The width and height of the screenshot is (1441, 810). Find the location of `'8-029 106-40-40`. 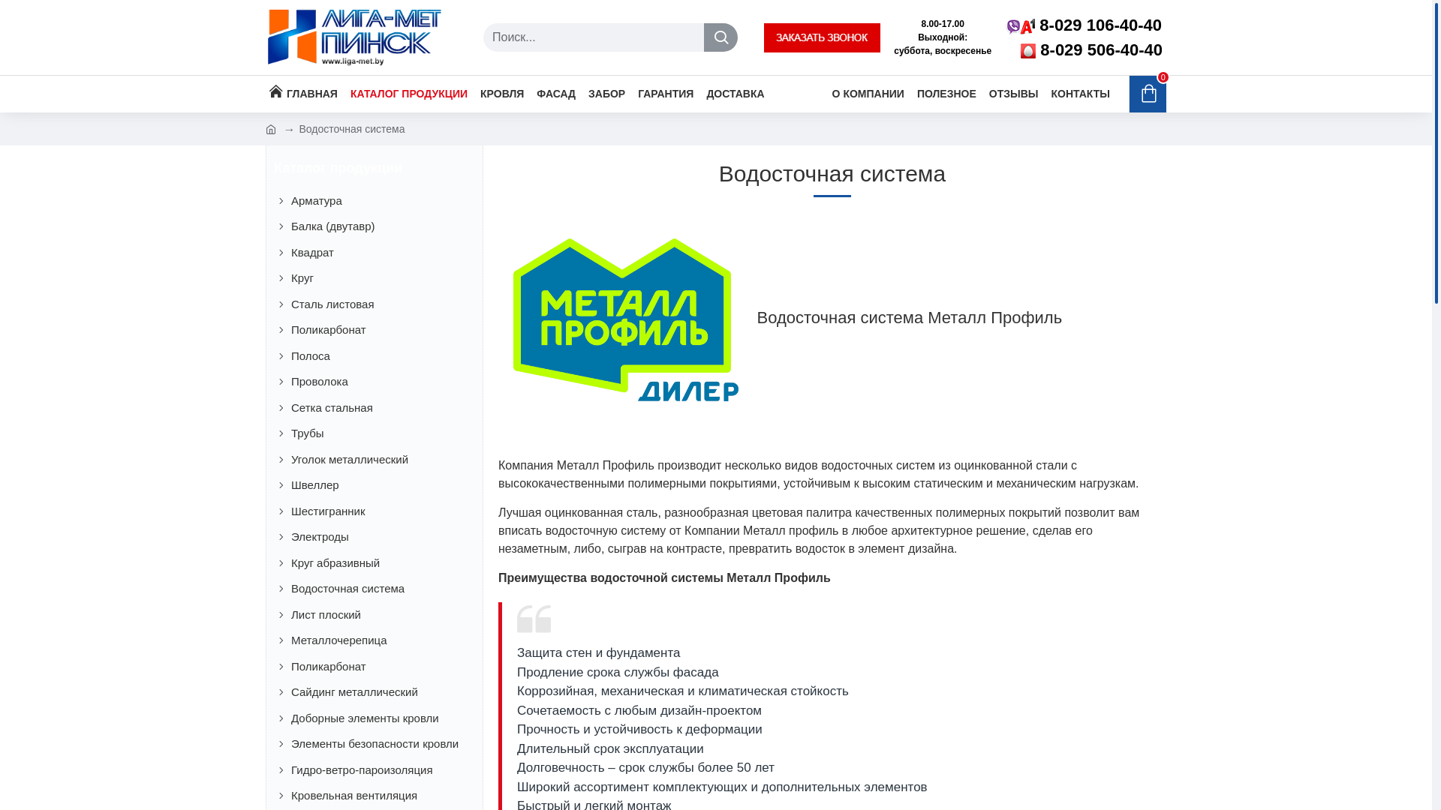

'8-029 106-40-40 is located at coordinates (1084, 37).